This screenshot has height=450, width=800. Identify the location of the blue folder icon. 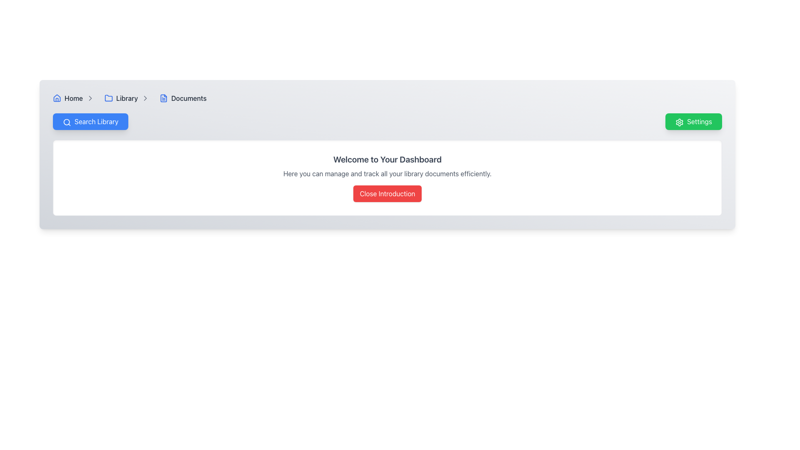
(108, 97).